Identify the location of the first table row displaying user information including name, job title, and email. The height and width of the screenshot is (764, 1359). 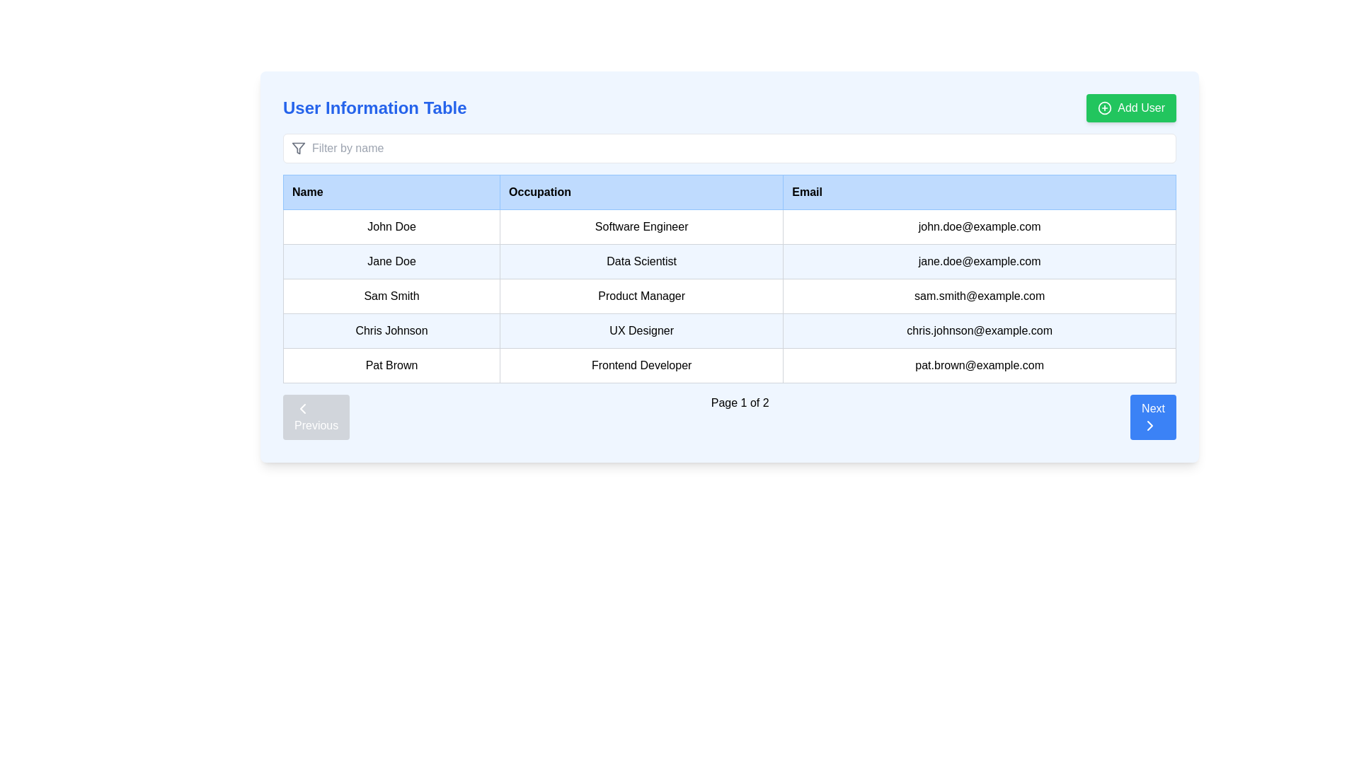
(730, 226).